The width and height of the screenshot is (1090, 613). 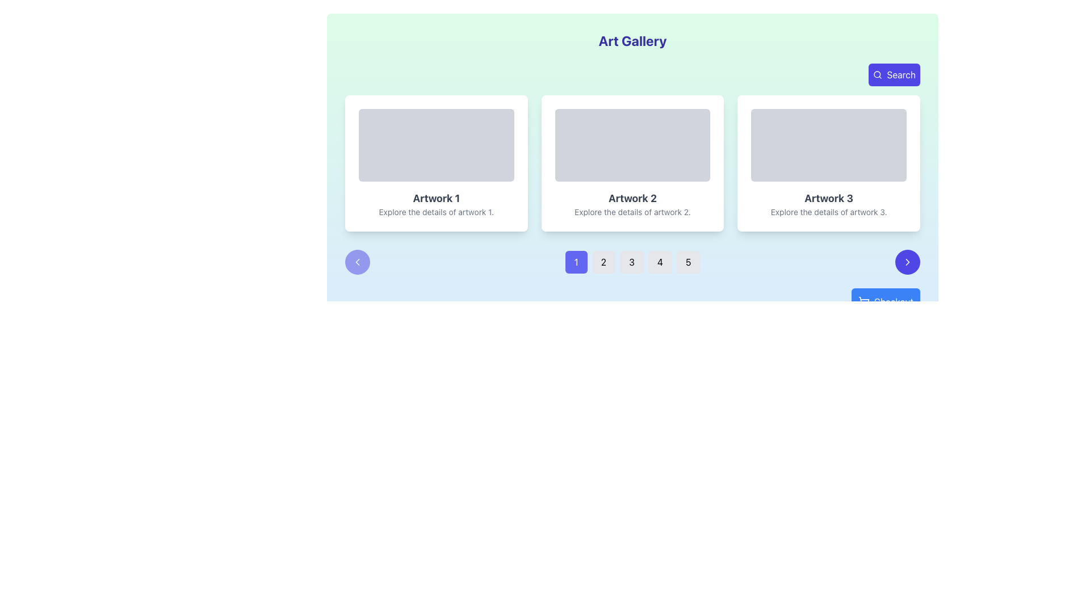 What do you see at coordinates (829, 212) in the screenshot?
I see `the text element that reads 'Explore the details of artwork 3', which is located below the heading 'Artwork 3' in gray font style` at bounding box center [829, 212].